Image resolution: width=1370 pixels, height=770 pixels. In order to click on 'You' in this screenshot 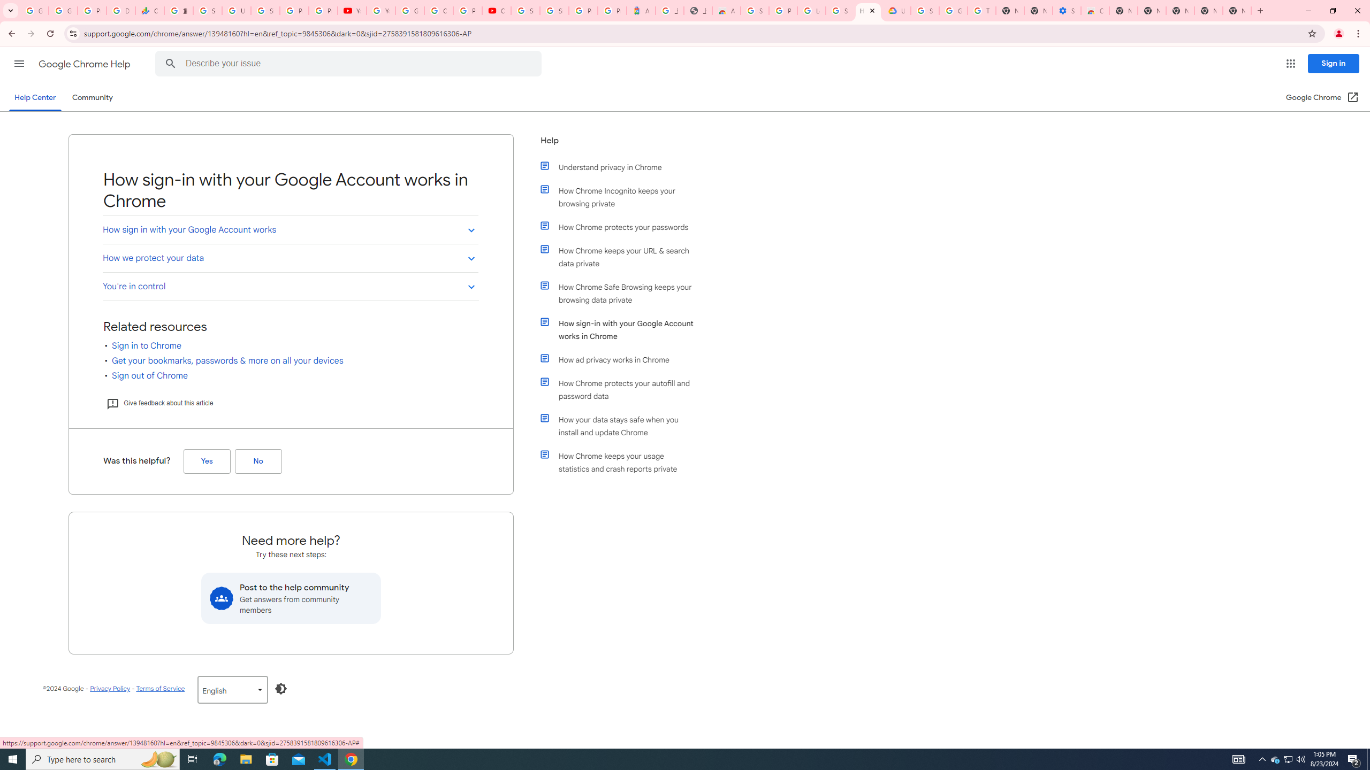, I will do `click(290, 285)`.